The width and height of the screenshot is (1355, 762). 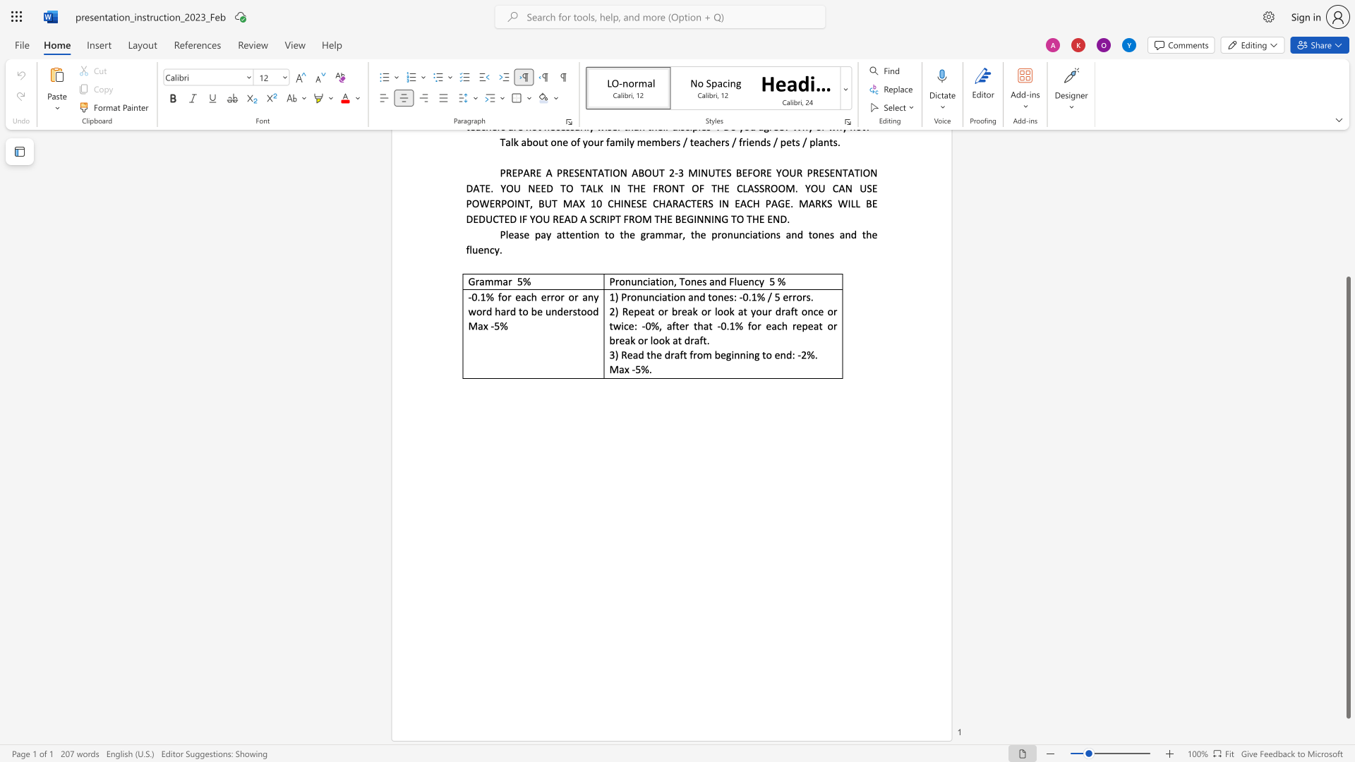 What do you see at coordinates (1347, 261) in the screenshot?
I see `the scrollbar on the right to shift the page higher` at bounding box center [1347, 261].